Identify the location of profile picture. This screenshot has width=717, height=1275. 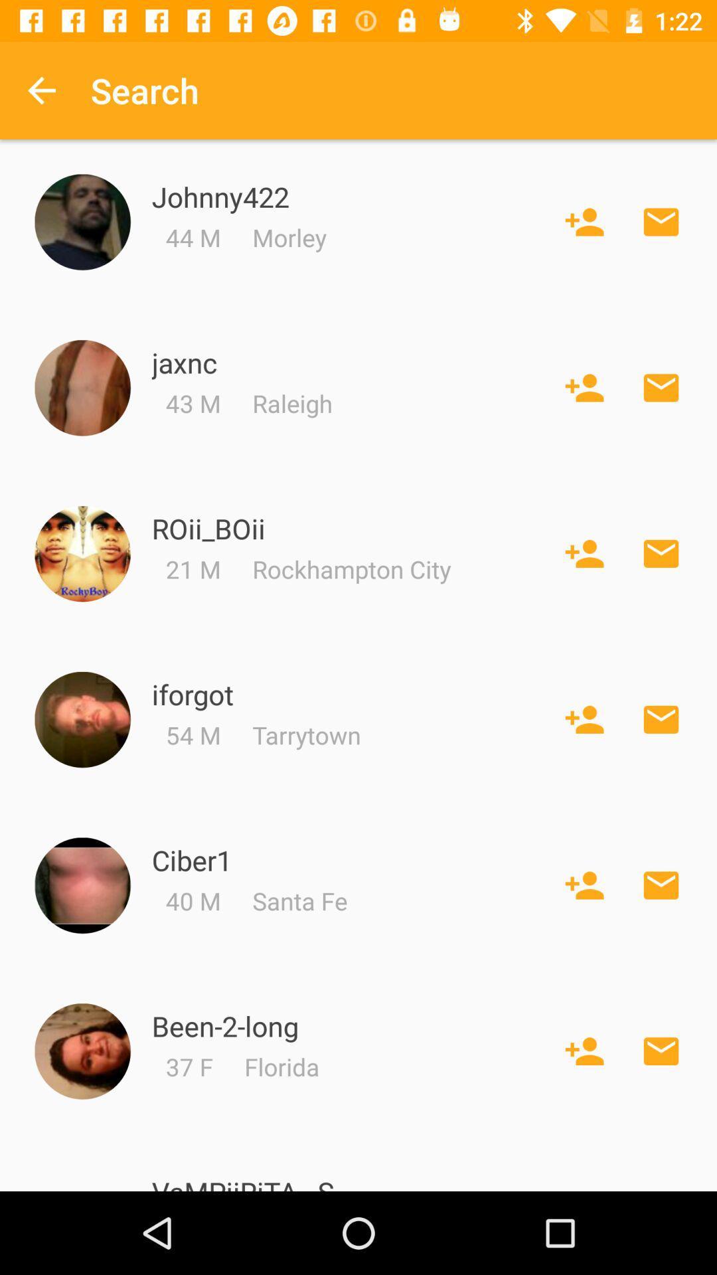
(82, 222).